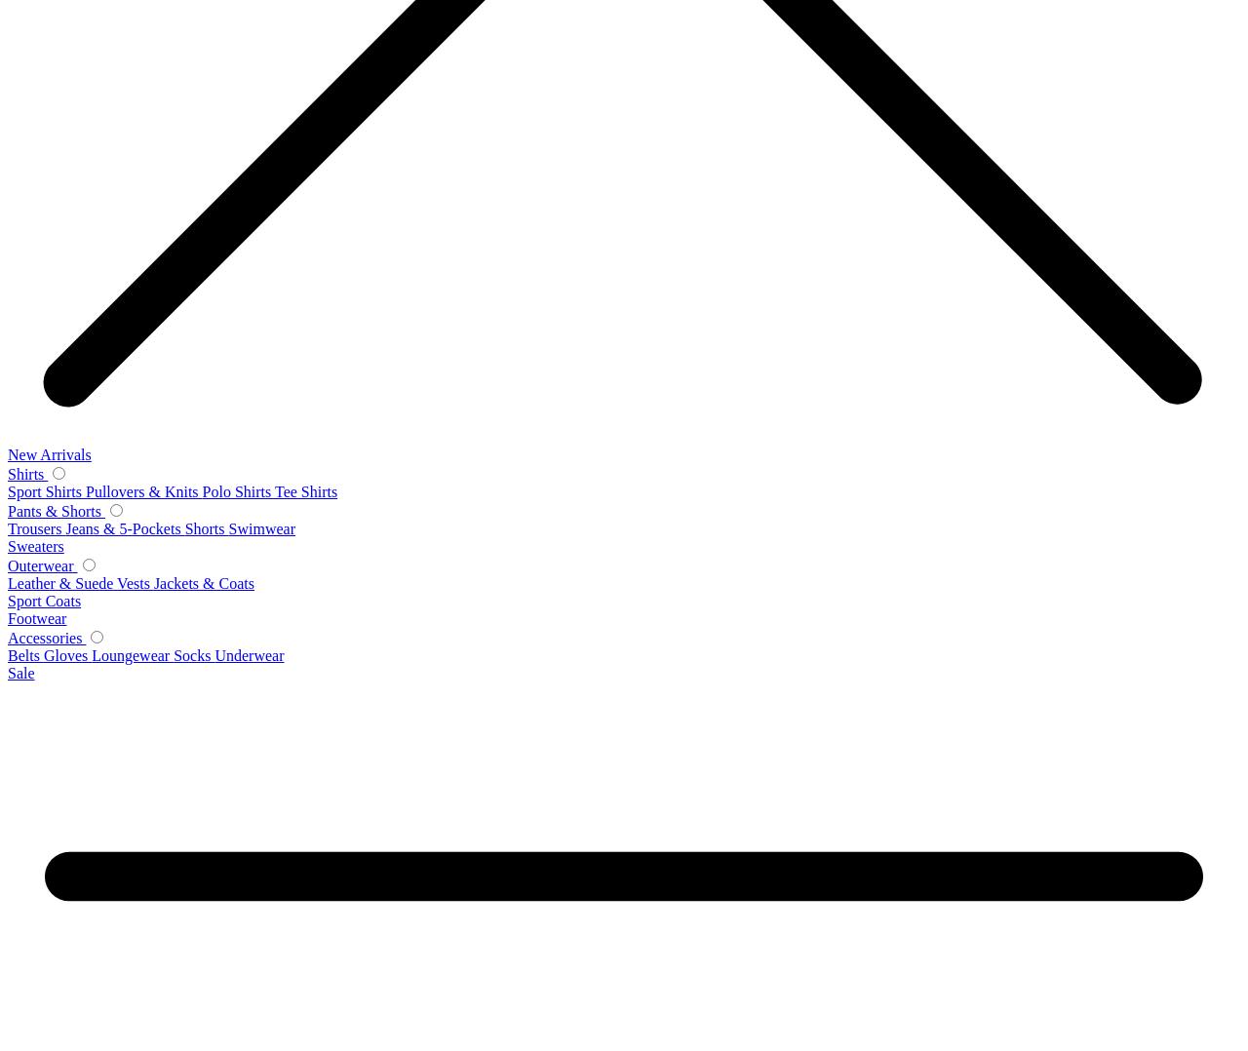 This screenshot has height=1051, width=1248. I want to click on 'Accessories', so click(47, 637).